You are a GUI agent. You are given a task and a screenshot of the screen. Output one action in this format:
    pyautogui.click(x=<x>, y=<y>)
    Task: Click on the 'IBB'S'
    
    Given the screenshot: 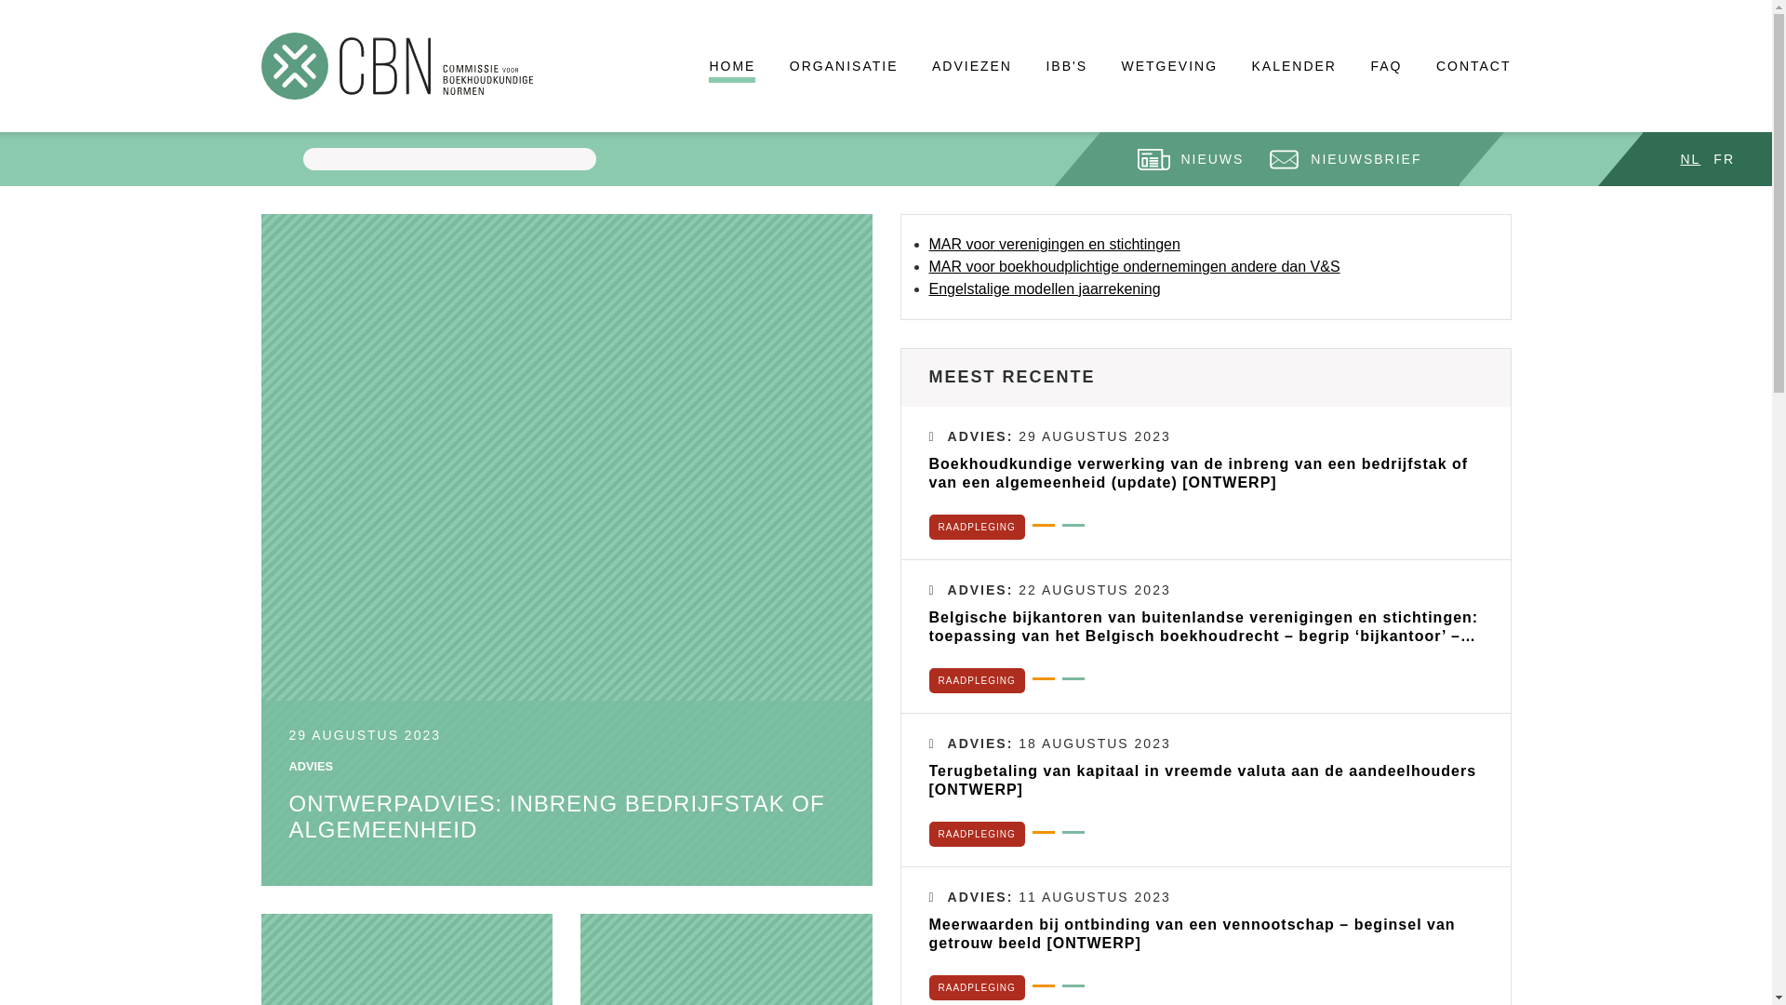 What is the action you would take?
    pyautogui.click(x=1045, y=67)
    